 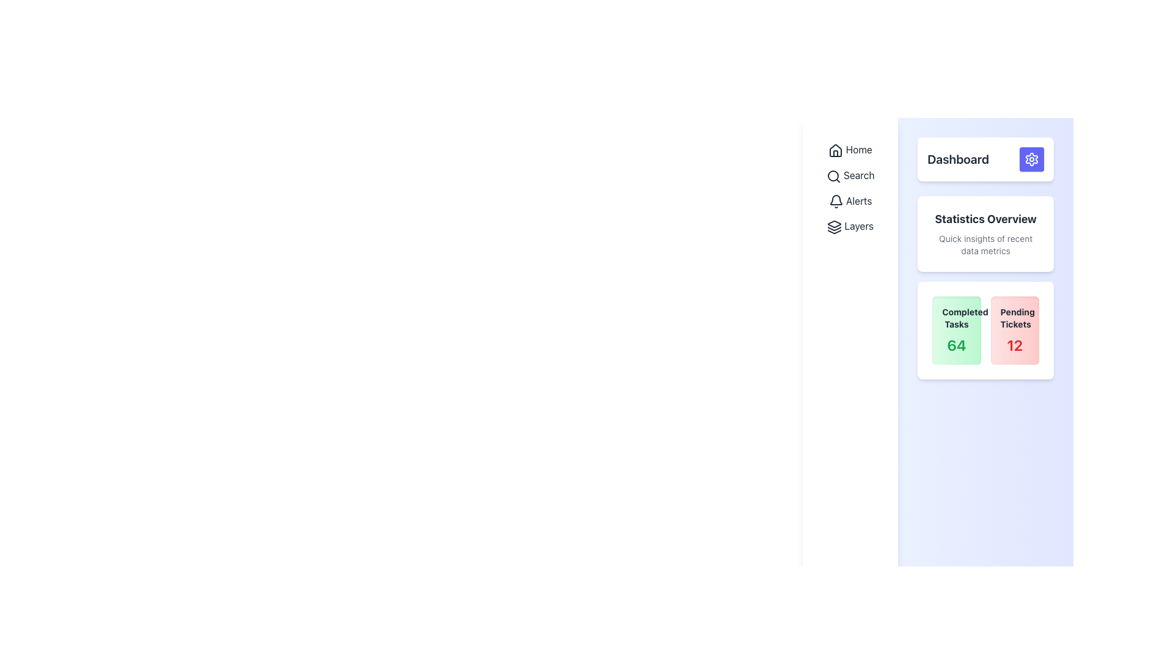 I want to click on the 'Completed Tasks' label, which is styled in bold and smaller font within a light green gradient card in the 'Statistics Overview' section of the dashboard, so click(x=956, y=317).